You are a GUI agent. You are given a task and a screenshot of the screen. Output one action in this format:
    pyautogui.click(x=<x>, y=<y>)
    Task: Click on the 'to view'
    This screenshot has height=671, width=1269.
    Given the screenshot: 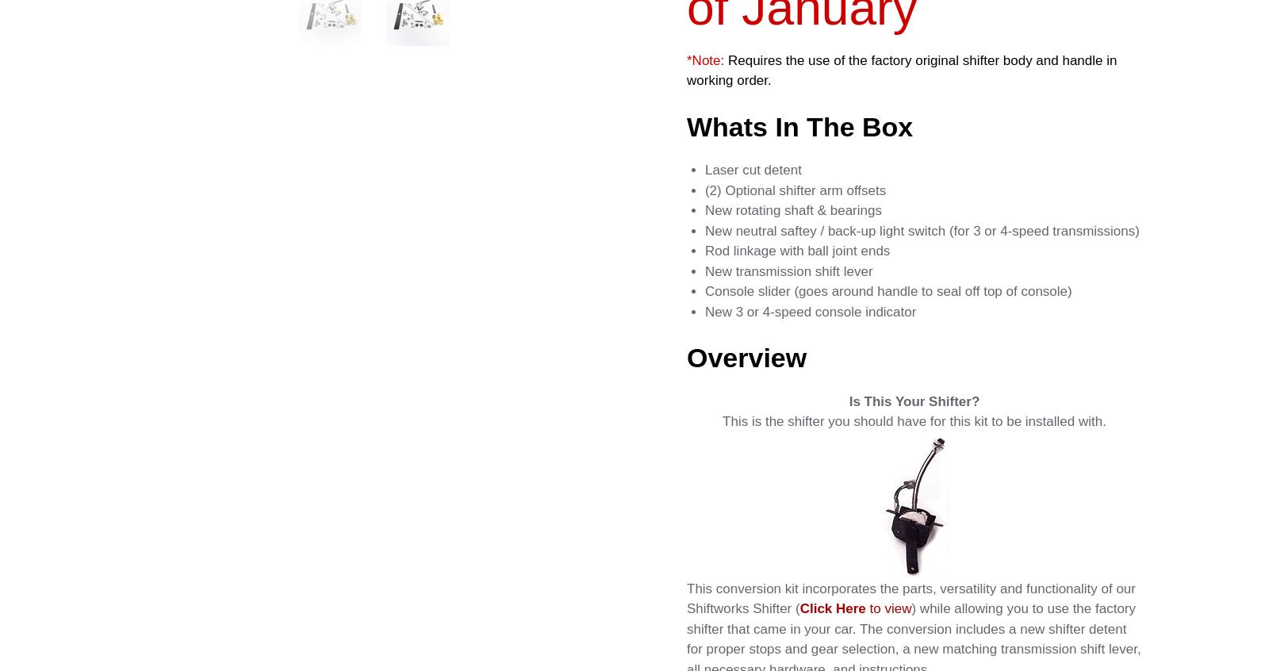 What is the action you would take?
    pyautogui.click(x=888, y=608)
    